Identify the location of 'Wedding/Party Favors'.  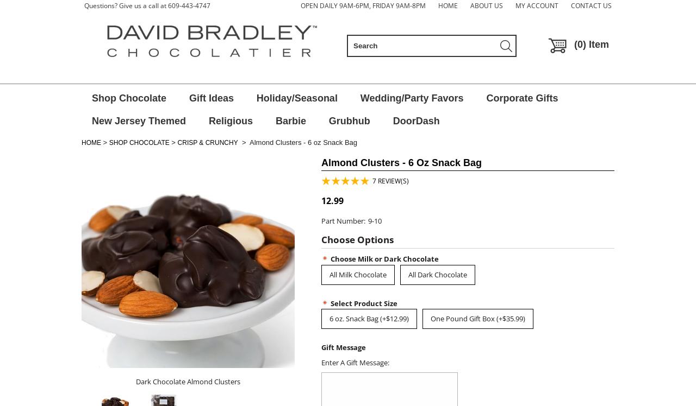
(411, 98).